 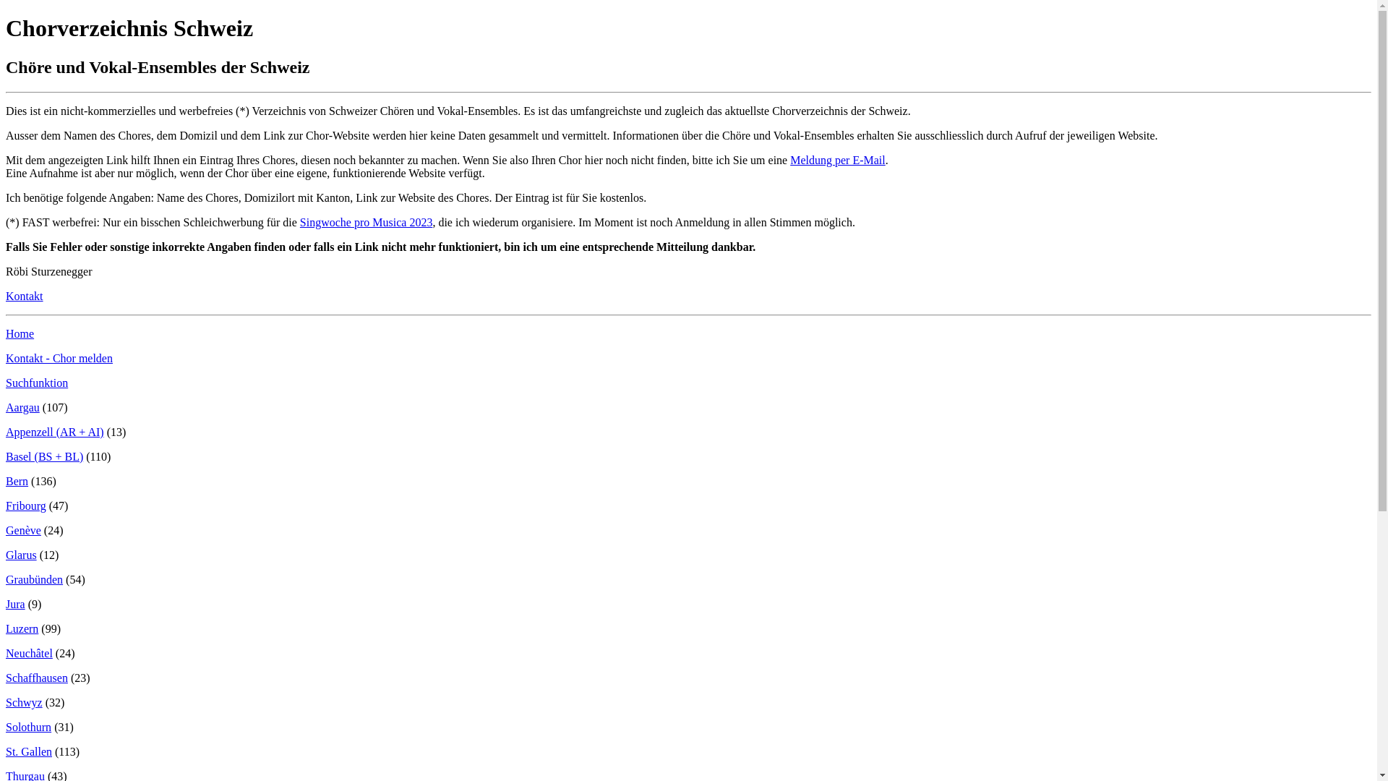 What do you see at coordinates (55, 431) in the screenshot?
I see `'Appenzell (AR + AI)'` at bounding box center [55, 431].